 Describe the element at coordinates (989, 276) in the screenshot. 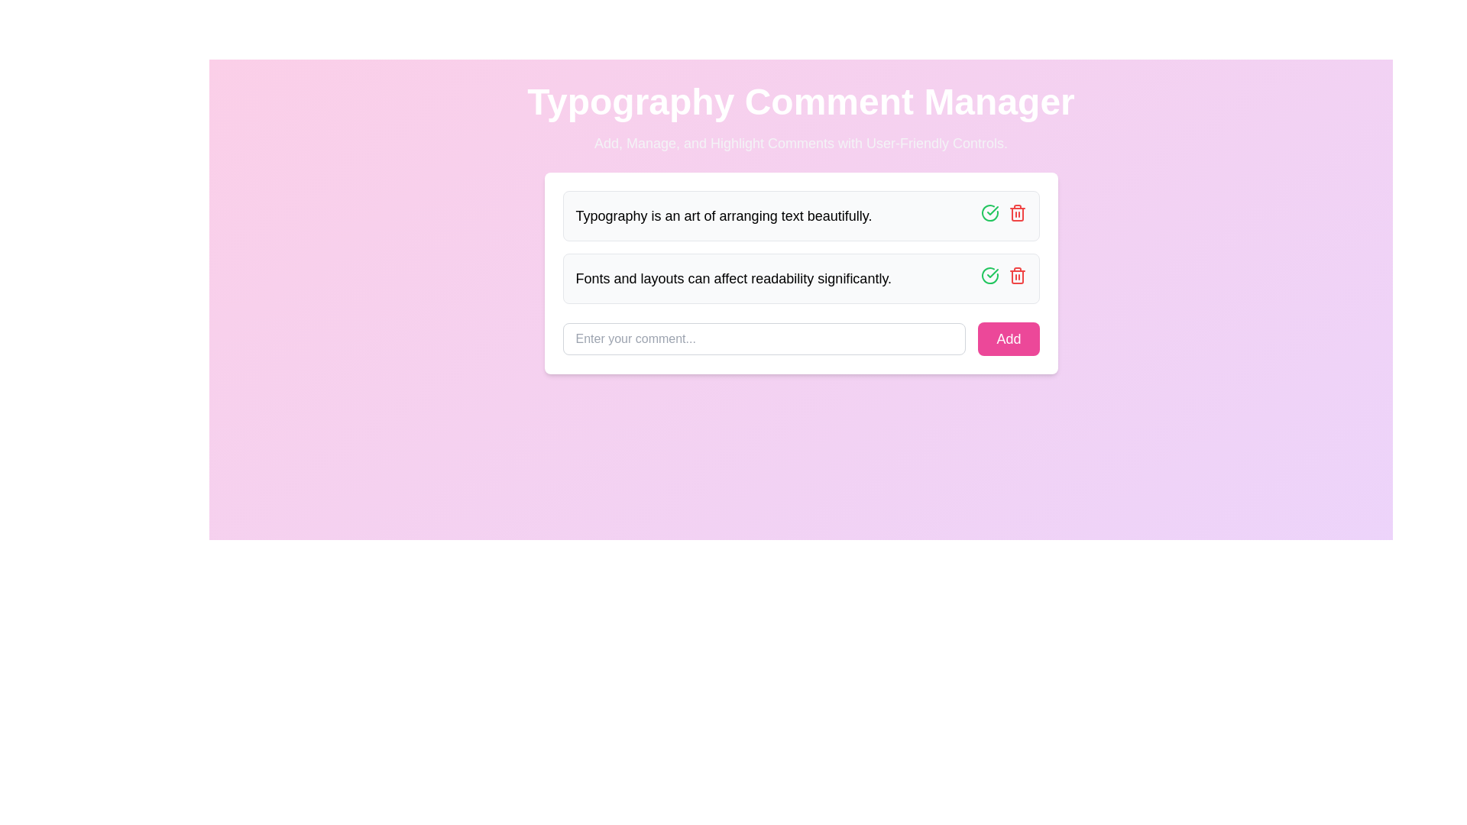

I see `the green check icon button, which represents confirmation, located at the top section of the actions list` at that location.